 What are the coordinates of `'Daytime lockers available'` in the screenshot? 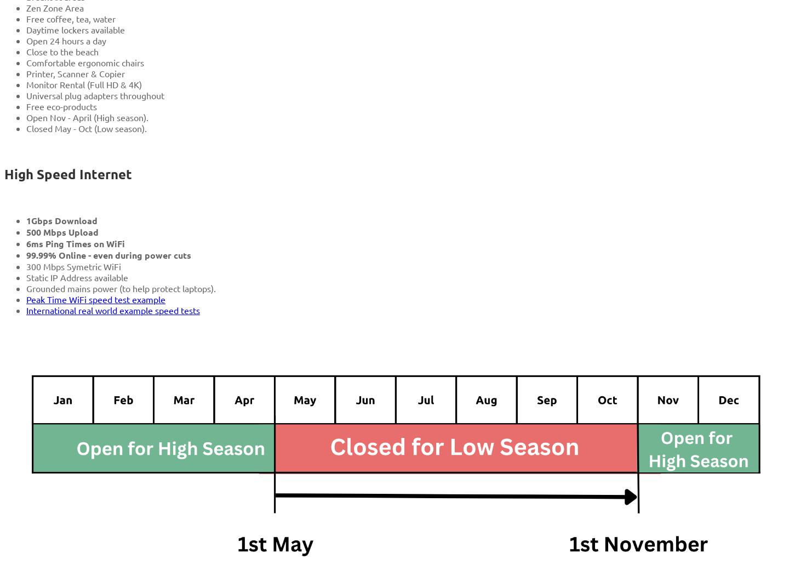 It's located at (75, 29).